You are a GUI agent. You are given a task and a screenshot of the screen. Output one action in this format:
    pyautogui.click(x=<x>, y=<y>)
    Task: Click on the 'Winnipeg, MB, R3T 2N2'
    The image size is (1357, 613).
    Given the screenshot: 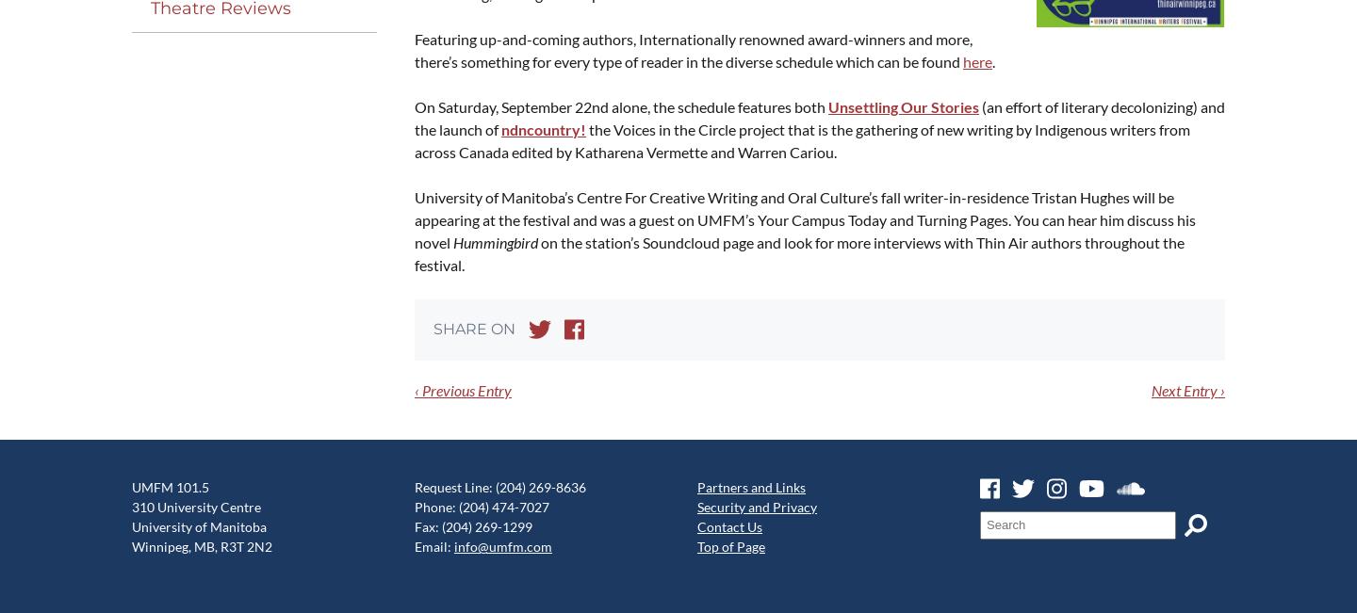 What is the action you would take?
    pyautogui.click(x=130, y=545)
    